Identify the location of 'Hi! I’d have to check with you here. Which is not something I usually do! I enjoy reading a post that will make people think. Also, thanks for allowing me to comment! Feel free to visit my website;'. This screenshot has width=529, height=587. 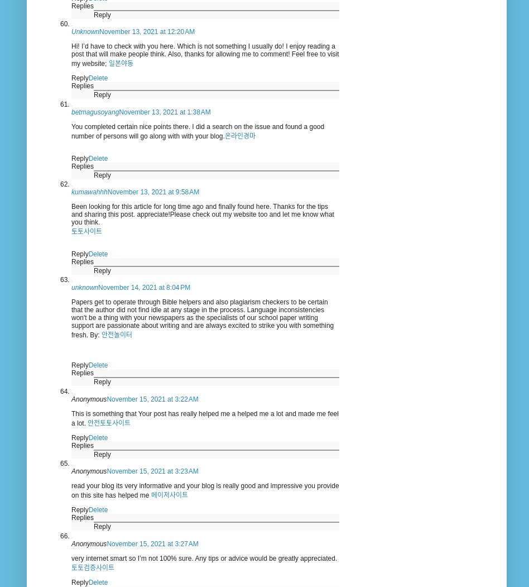
(70, 55).